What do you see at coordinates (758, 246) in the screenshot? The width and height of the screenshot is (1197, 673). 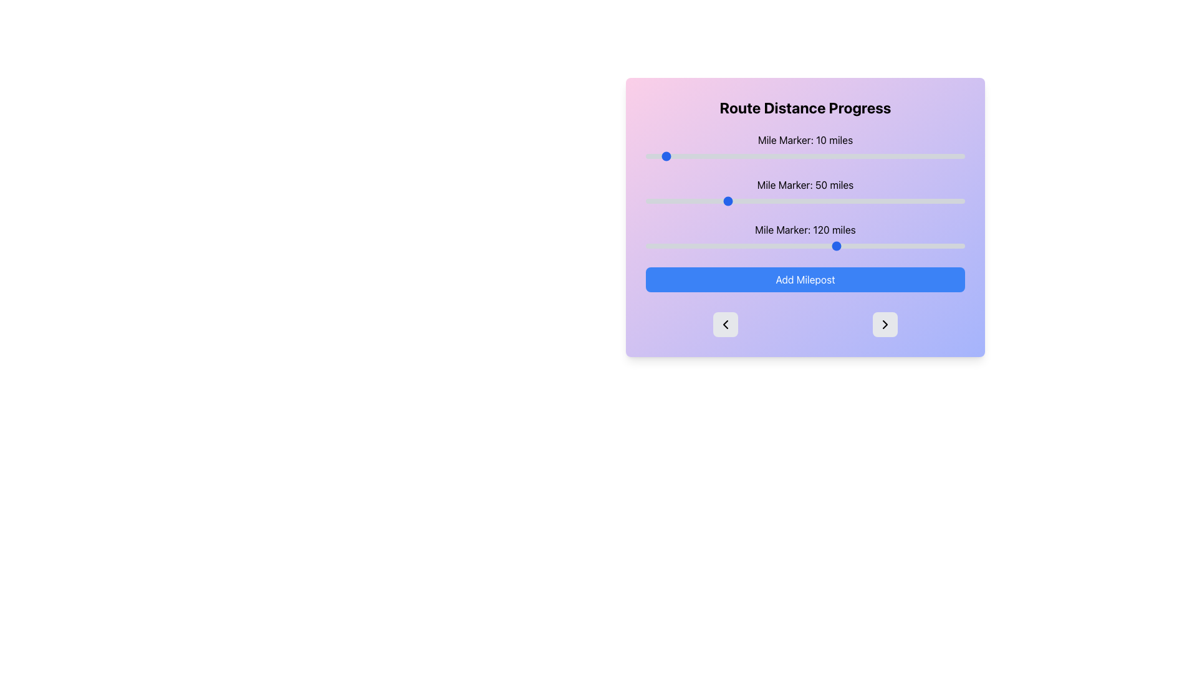 I see `the mile marker` at bounding box center [758, 246].